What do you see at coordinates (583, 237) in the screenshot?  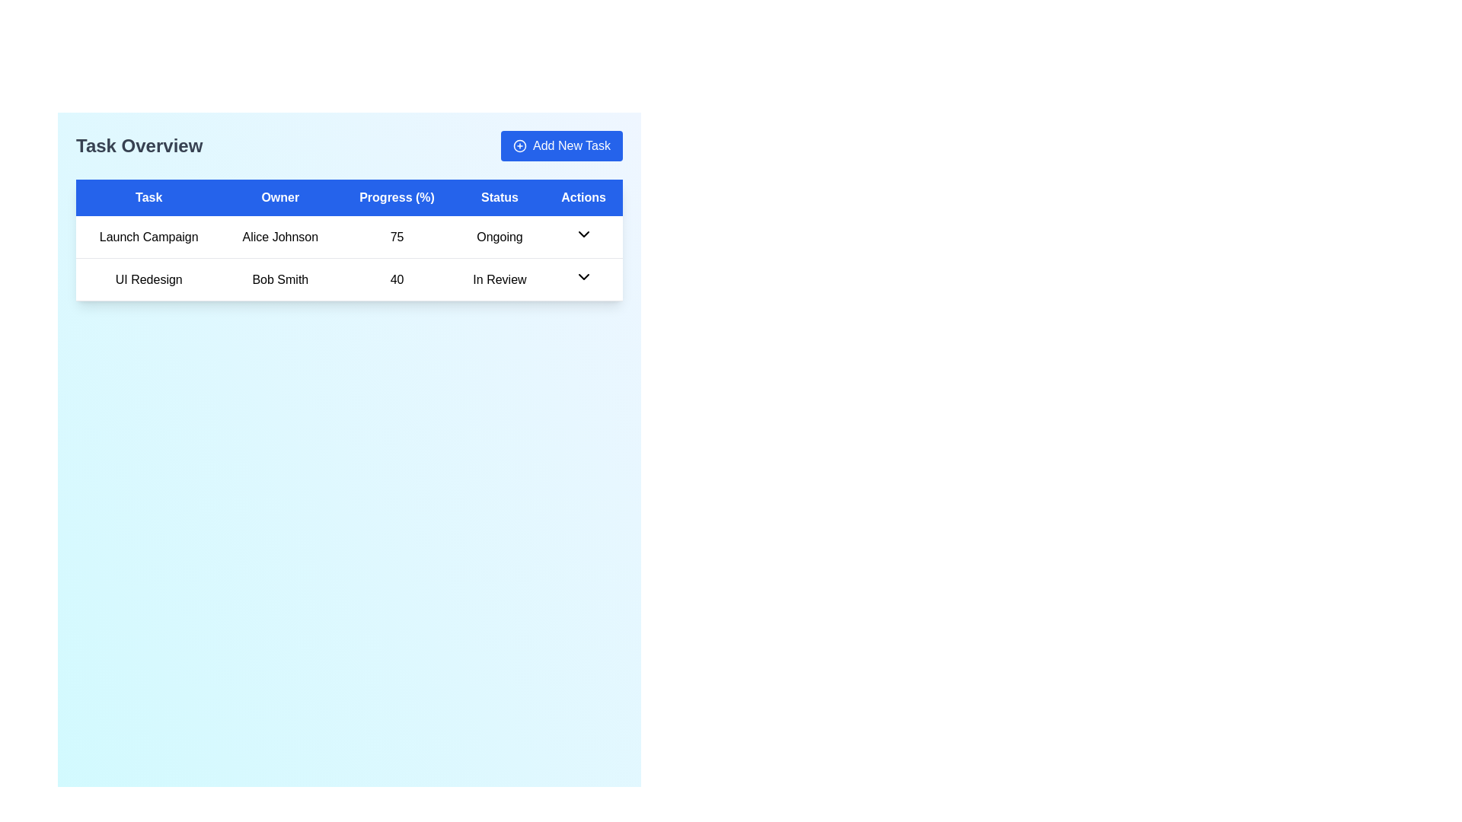 I see `the downward-pointing black arrow icon` at bounding box center [583, 237].